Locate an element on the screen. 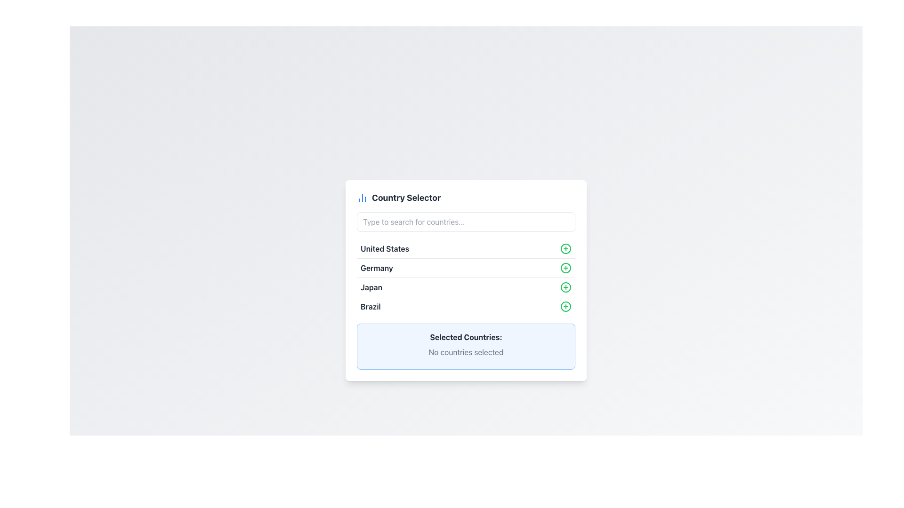  the list item labeled 'Japan' which is the third item in the 'Country Selector' box to trigger hover effects is located at coordinates (466, 286).